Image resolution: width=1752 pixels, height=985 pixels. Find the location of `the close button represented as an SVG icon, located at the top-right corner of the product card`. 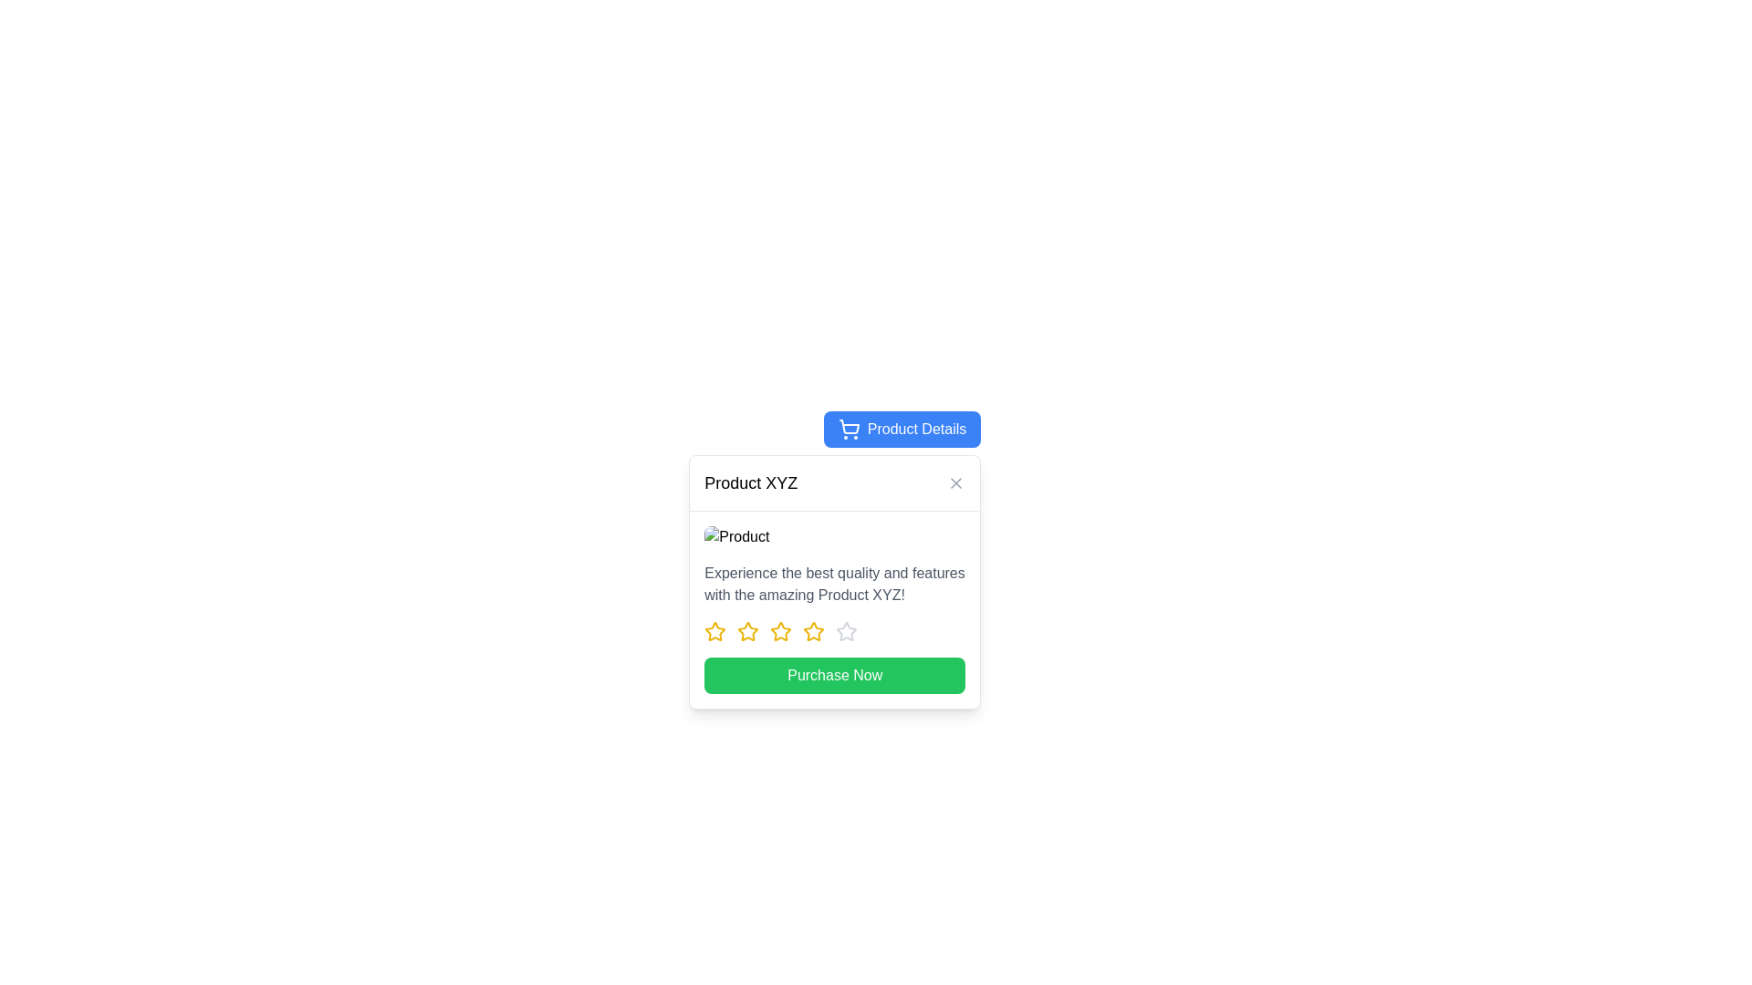

the close button represented as an SVG icon, located at the top-right corner of the product card is located at coordinates (955, 482).